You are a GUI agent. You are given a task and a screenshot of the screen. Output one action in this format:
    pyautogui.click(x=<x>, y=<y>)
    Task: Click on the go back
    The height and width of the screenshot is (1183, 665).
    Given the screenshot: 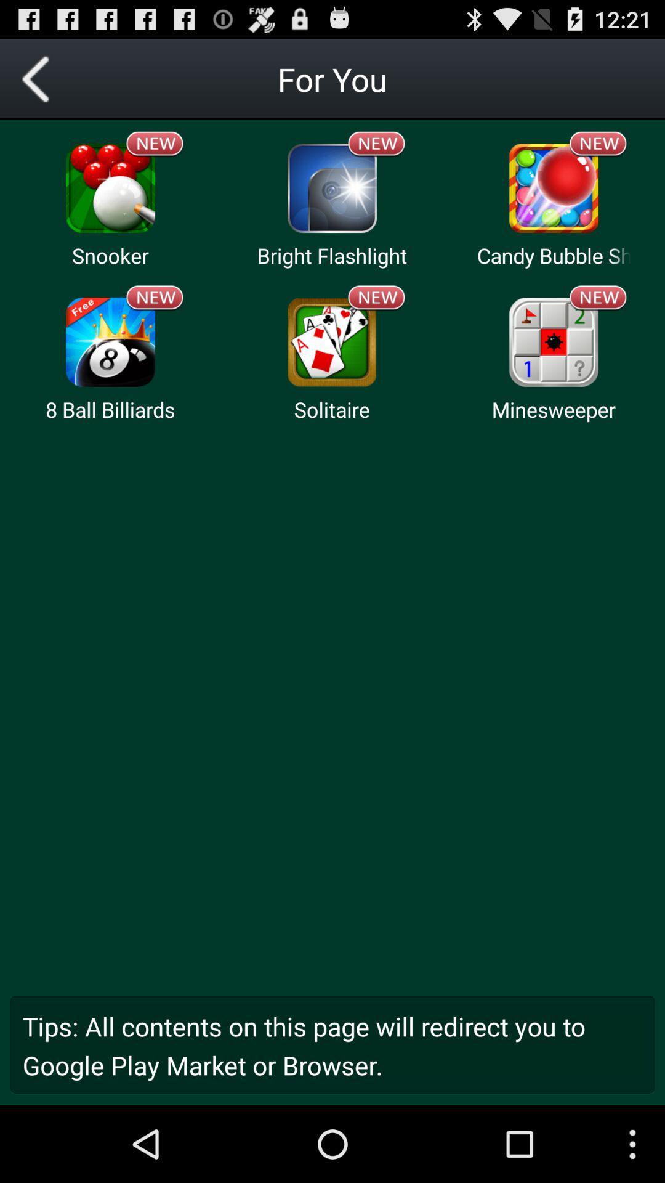 What is the action you would take?
    pyautogui.click(x=39, y=78)
    